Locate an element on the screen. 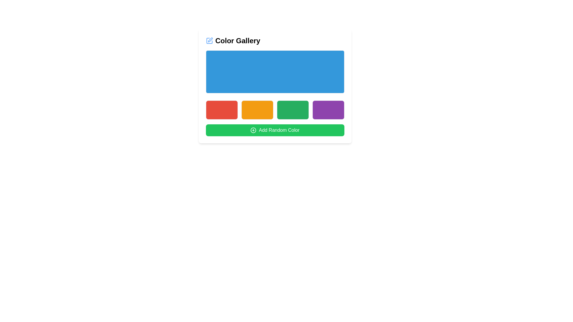 The height and width of the screenshot is (322, 573). the vibrant orange button with rounded corners located in the center of the window, positioned between a blue rectangle above and a green button labeled 'Add Random Color' below is located at coordinates (257, 110).